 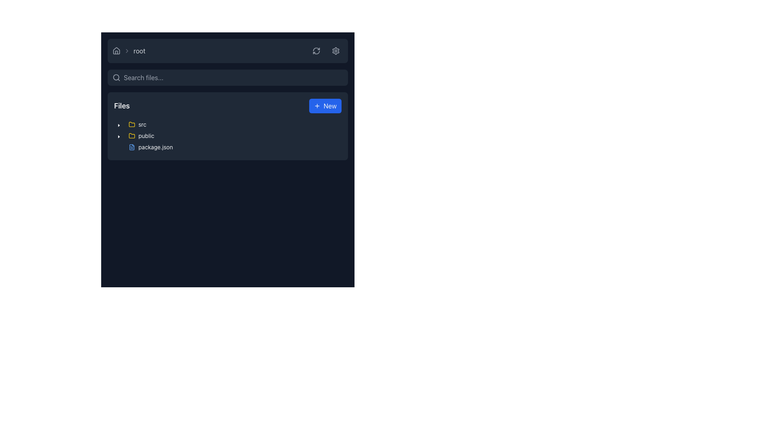 What do you see at coordinates (316, 51) in the screenshot?
I see `the refresh icon with a circular arrow pattern, located in the top-right section of the interface` at bounding box center [316, 51].